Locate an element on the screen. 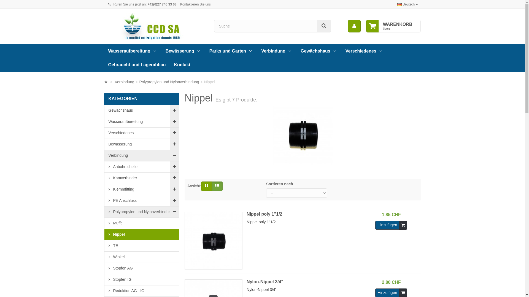 The image size is (529, 297). 'Reduktion AG - IG' is located at coordinates (141, 290).